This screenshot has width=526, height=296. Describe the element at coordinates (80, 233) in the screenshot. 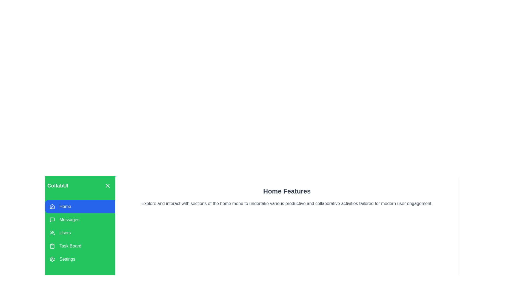

I see `the menu option Users to observe its hover effect` at that location.